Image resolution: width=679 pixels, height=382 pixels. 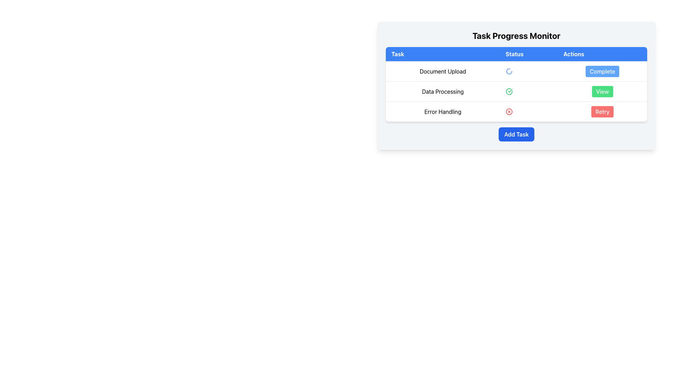 I want to click on the green 'View' button located under the 'Actions' column in the 'Data Processing' row, so click(x=602, y=91).